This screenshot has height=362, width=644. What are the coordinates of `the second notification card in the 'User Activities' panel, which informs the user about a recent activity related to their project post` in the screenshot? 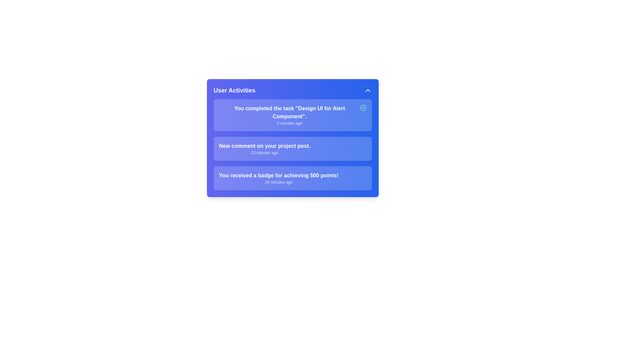 It's located at (293, 148).